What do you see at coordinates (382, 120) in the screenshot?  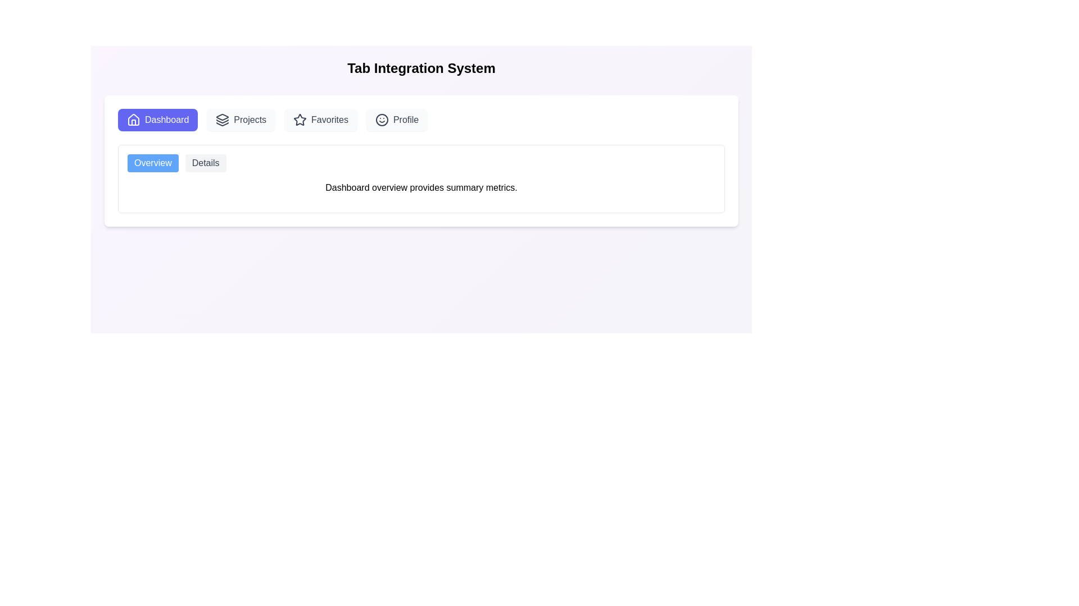 I see `the SVG circle element representing the 'Profile' label, located between the 'Favorites' tab and the textual label 'Profile' in the navigation bar` at bounding box center [382, 120].